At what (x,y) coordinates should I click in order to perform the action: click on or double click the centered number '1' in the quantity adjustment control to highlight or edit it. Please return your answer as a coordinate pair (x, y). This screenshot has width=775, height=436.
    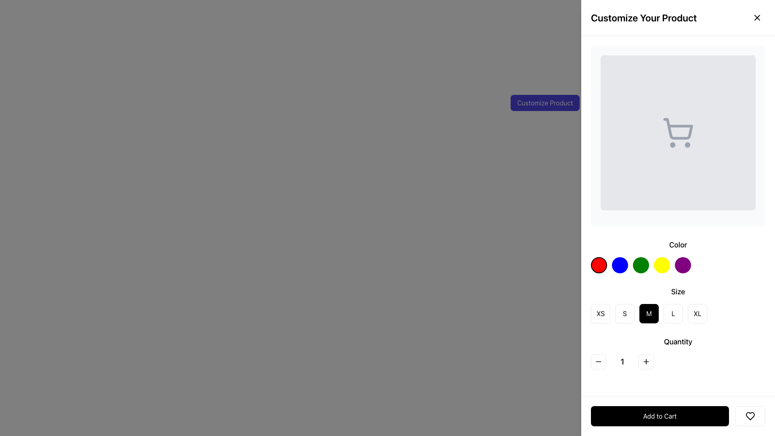
    Looking at the image, I should click on (678, 361).